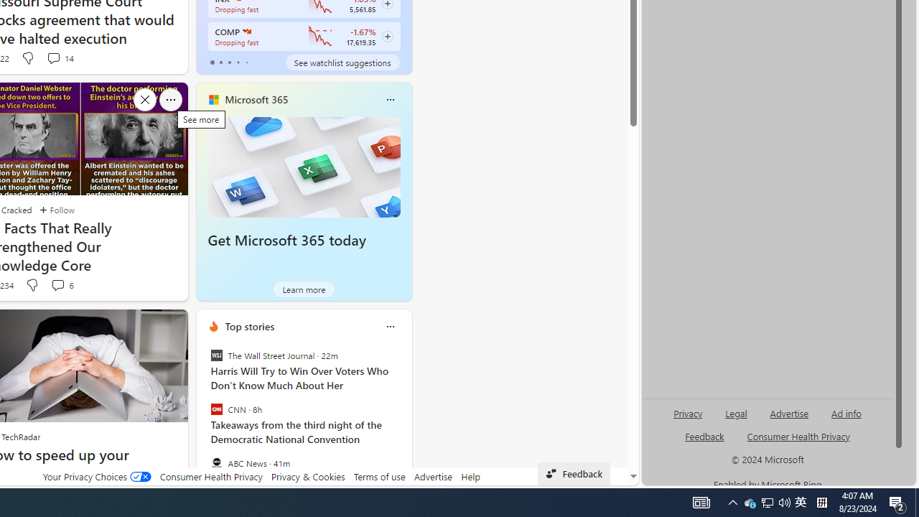 This screenshot has width=919, height=517. I want to click on 'View comments 6 Comment', so click(57, 285).